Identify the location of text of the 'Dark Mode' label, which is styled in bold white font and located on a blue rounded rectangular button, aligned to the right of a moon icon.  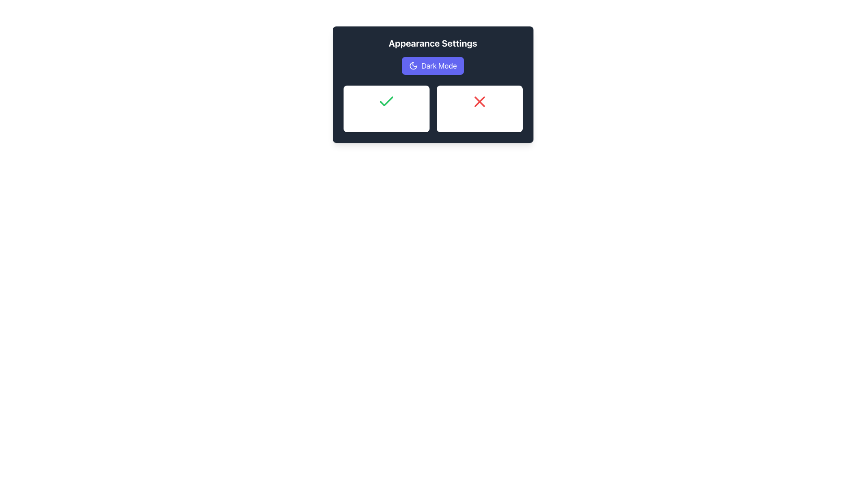
(439, 65).